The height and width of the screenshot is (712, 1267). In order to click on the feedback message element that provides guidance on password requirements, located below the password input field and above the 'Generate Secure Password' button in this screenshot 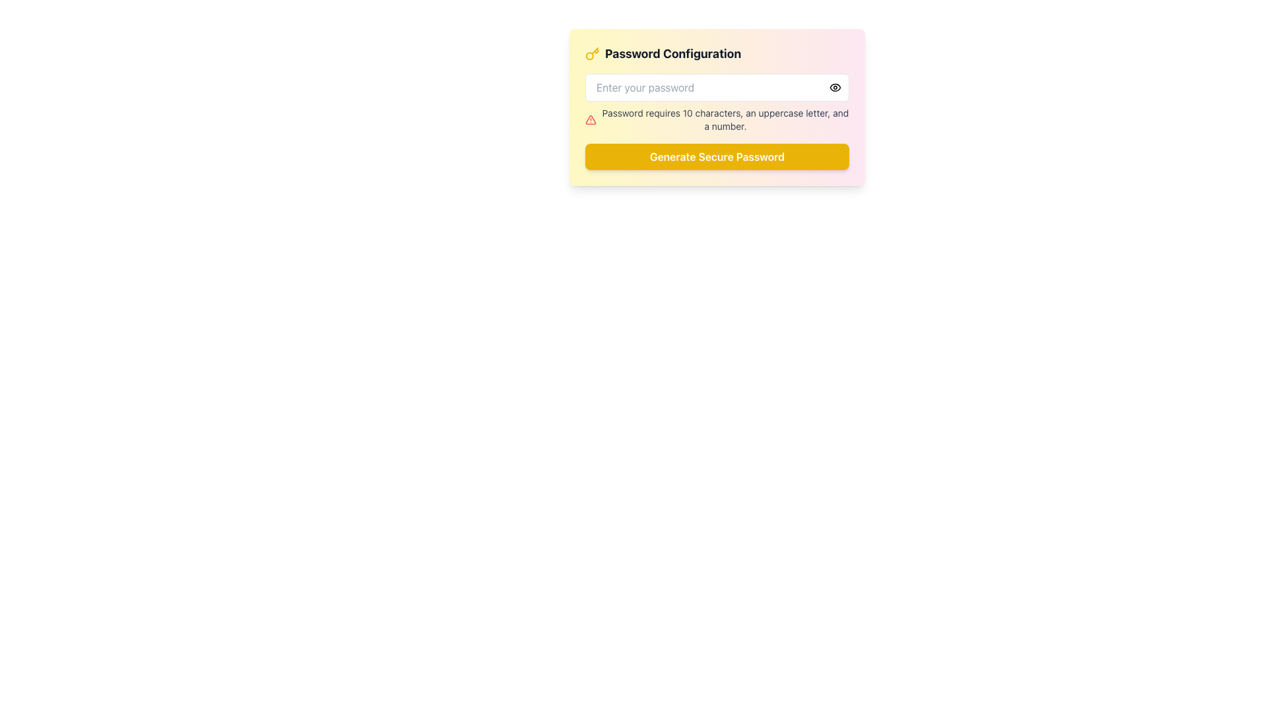, I will do `click(716, 119)`.